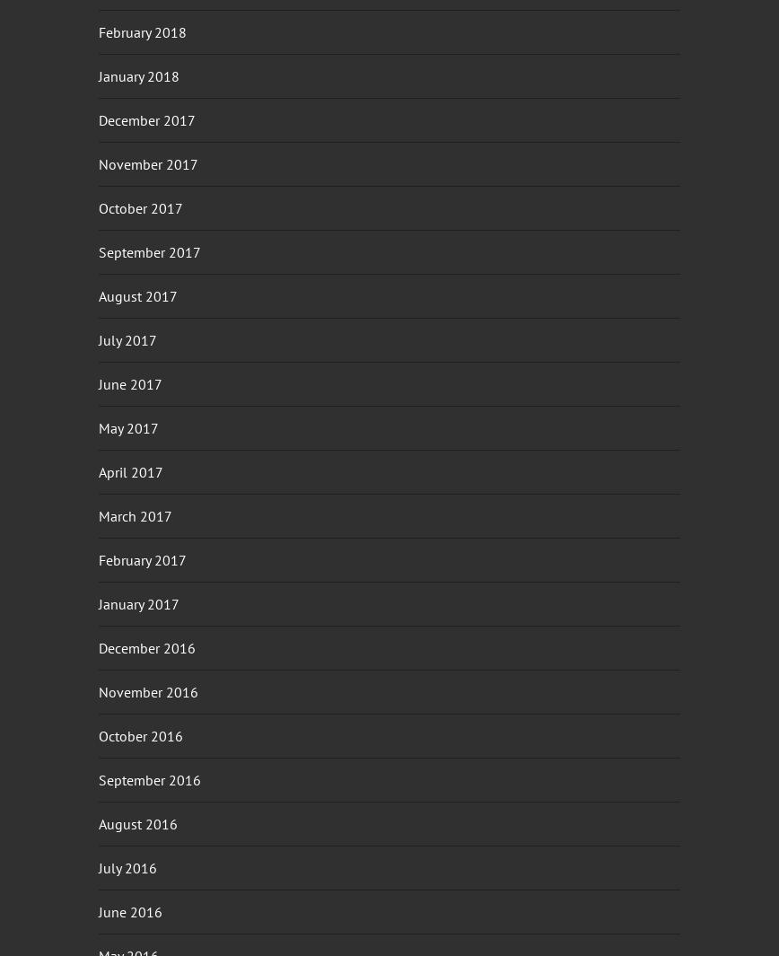 The image size is (779, 956). I want to click on 'August 2017', so click(137, 294).